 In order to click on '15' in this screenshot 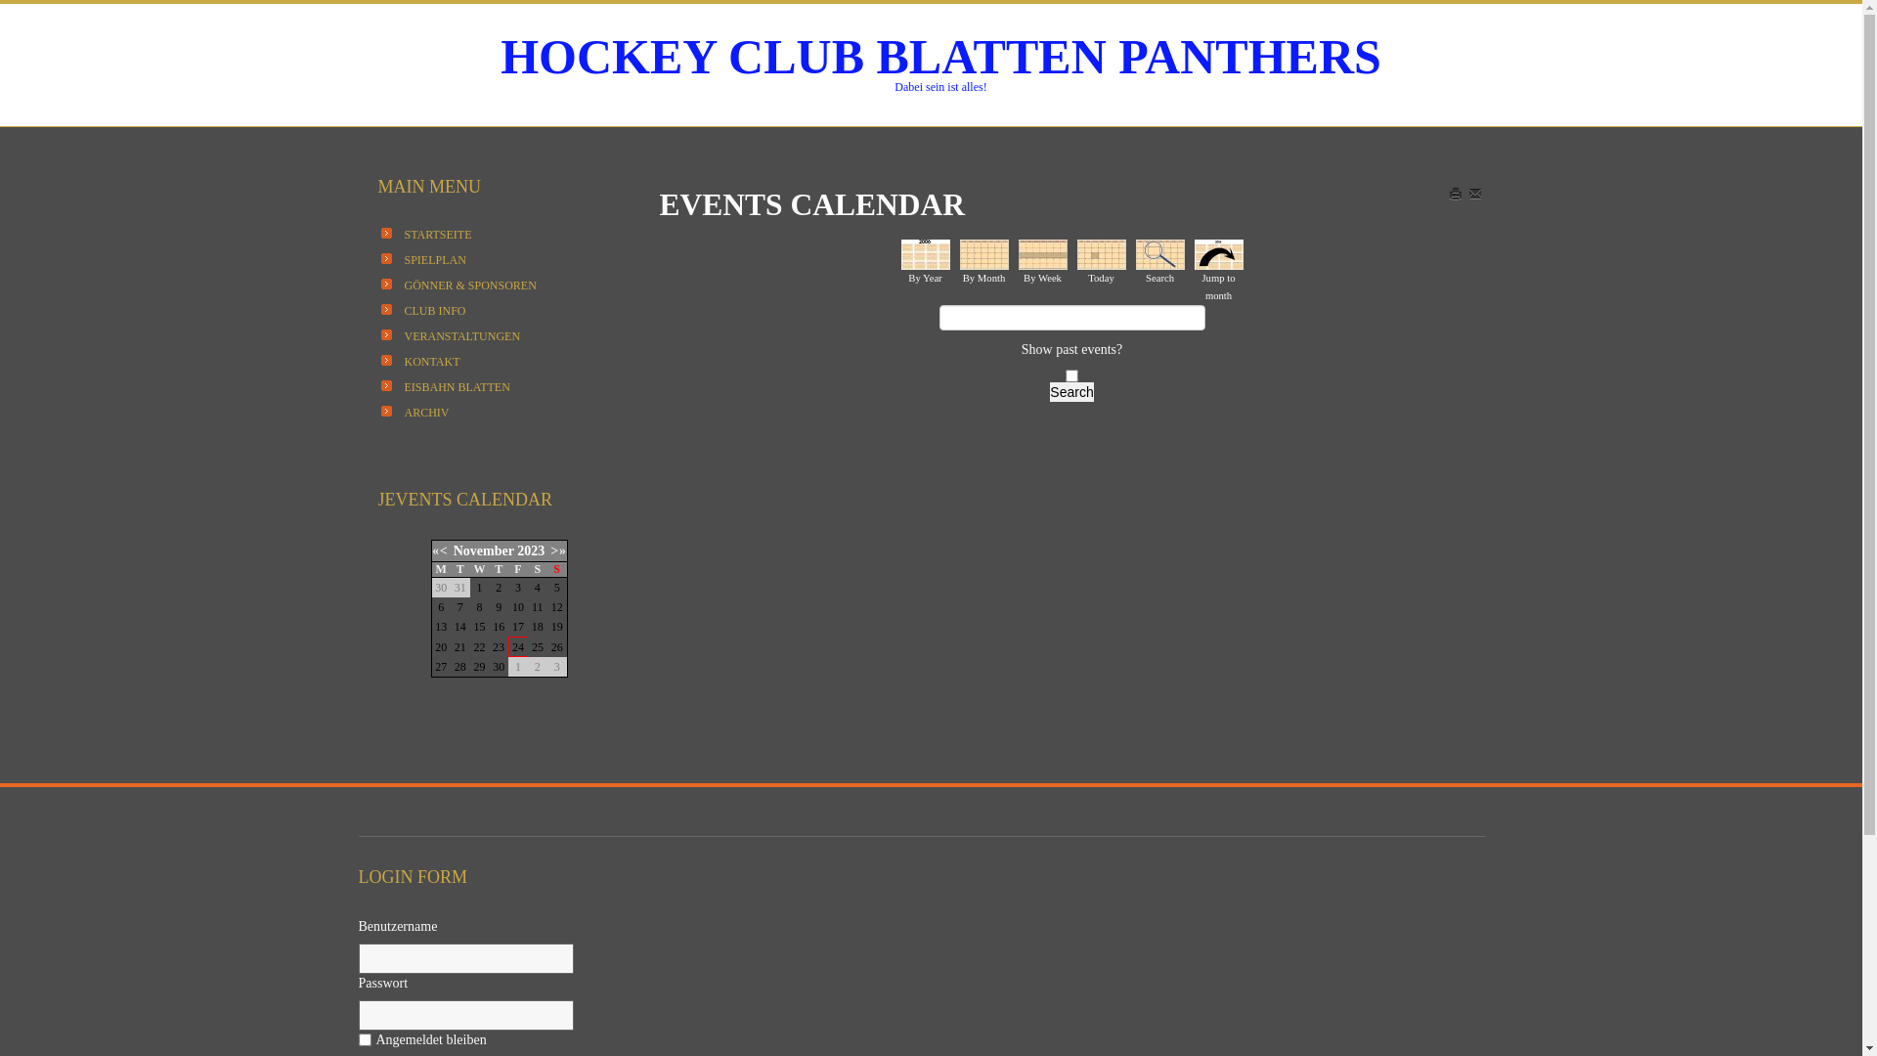, I will do `click(478, 626)`.